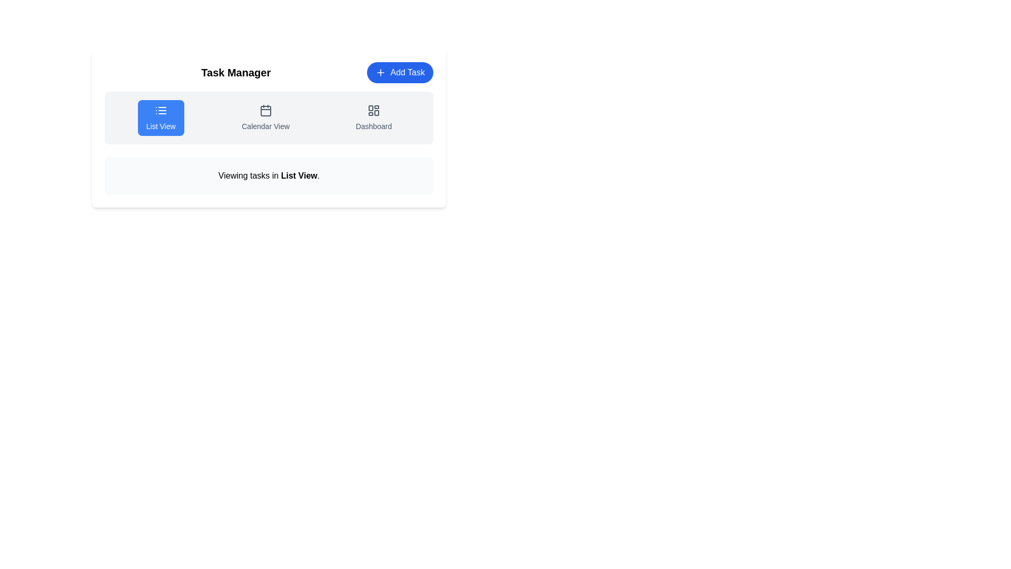 The height and width of the screenshot is (569, 1011). Describe the element at coordinates (373, 125) in the screenshot. I see `text label 'Dashboard' located below the dashboard icon in the horizontal navigation section, which is the third item from the left` at that location.